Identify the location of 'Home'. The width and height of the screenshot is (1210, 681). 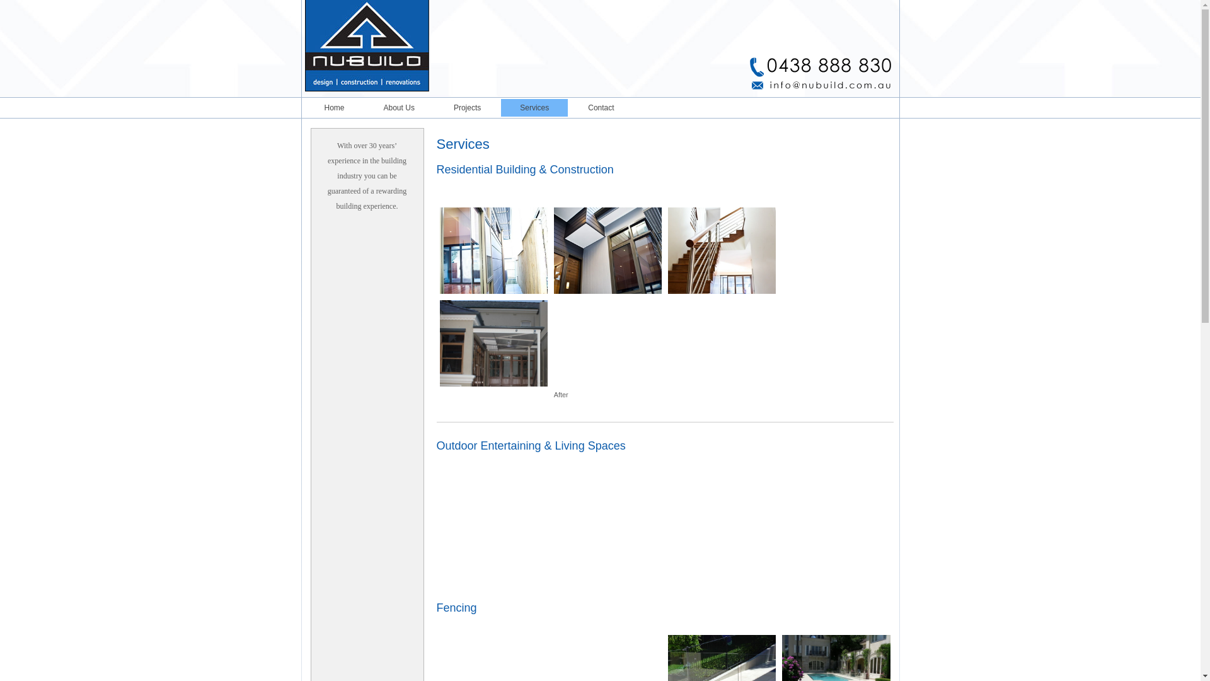
(305, 107).